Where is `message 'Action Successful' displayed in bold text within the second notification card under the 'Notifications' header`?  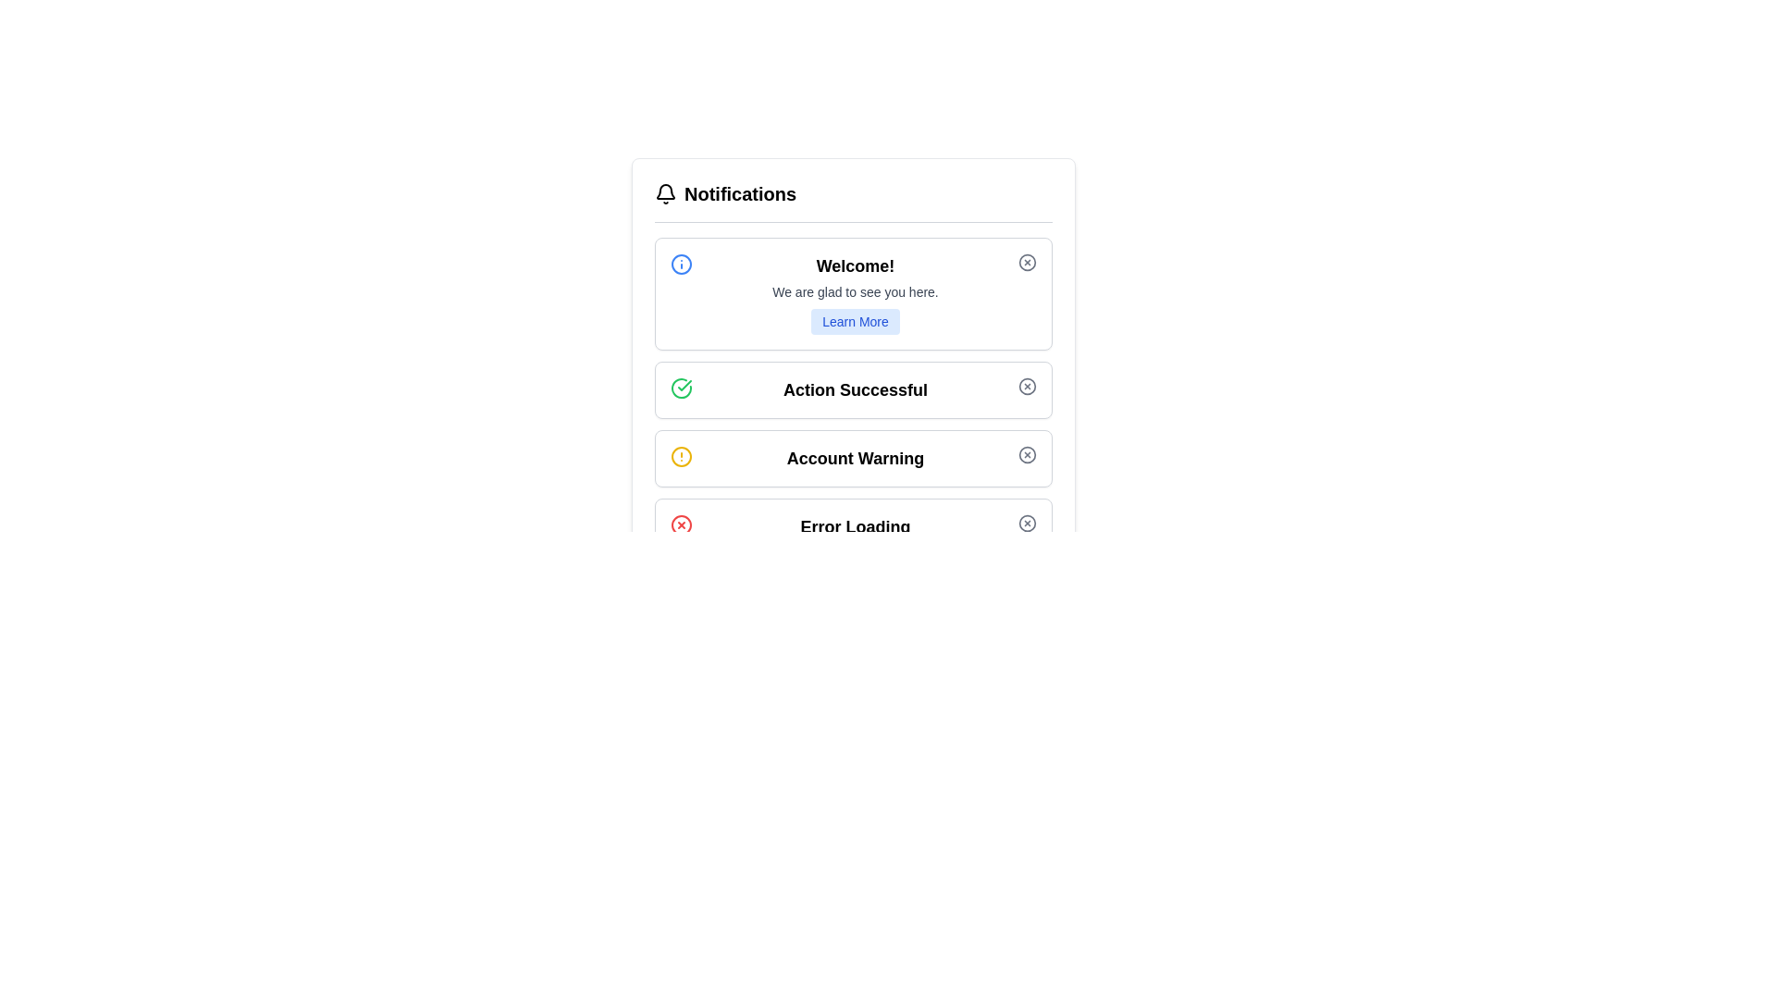
message 'Action Successful' displayed in bold text within the second notification card under the 'Notifications' header is located at coordinates (855, 388).